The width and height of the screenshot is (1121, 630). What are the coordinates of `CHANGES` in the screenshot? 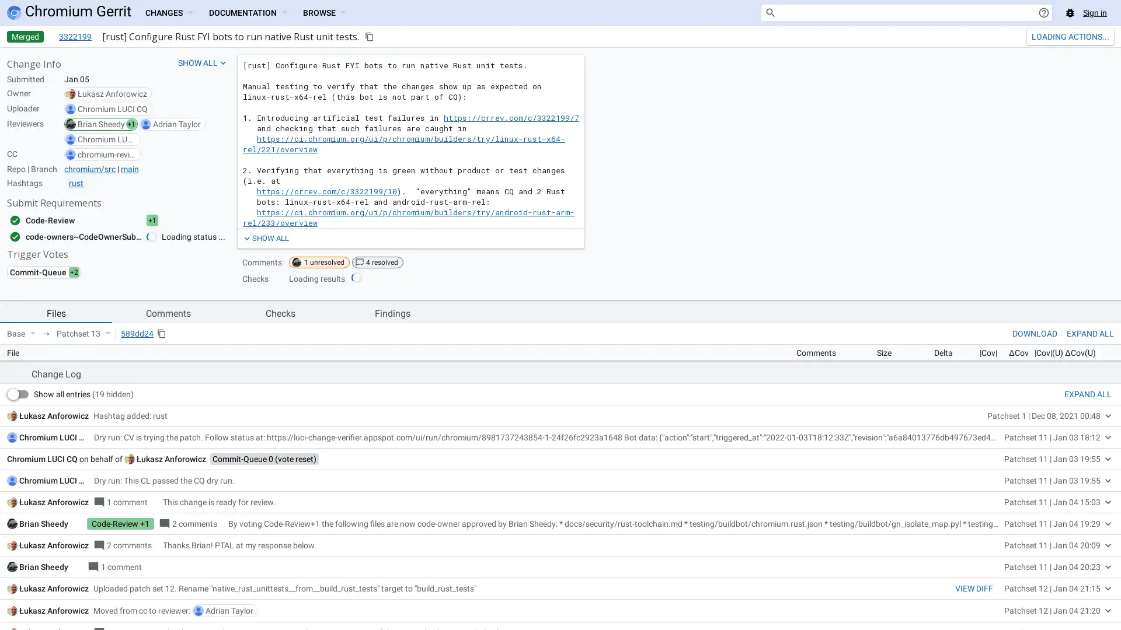 It's located at (168, 13).